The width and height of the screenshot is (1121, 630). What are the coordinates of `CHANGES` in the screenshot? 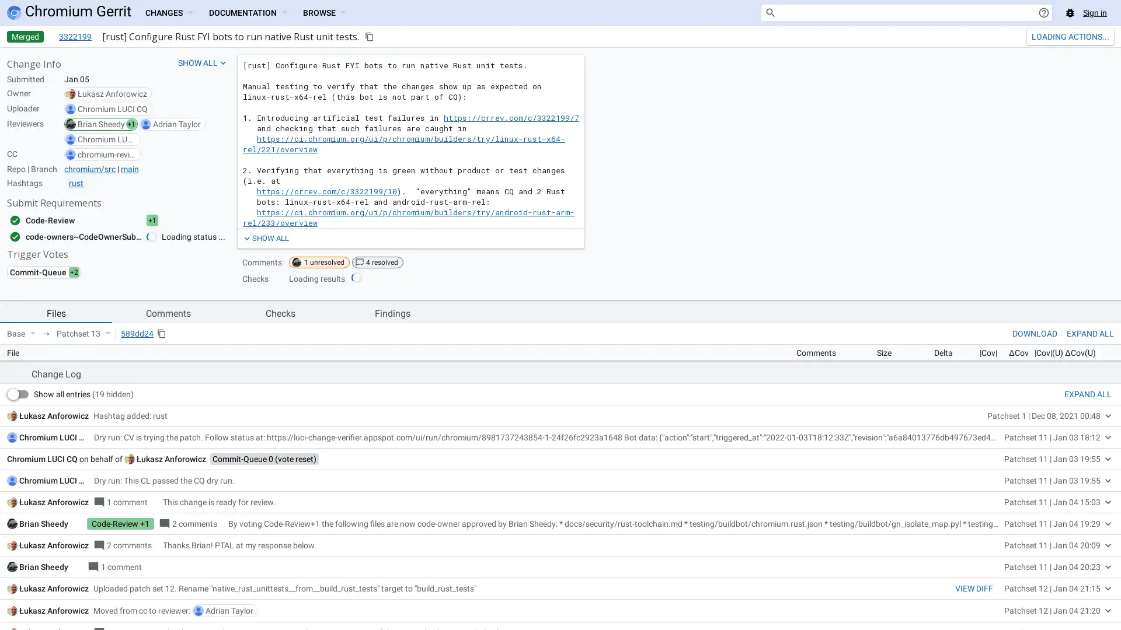 It's located at (168, 13).